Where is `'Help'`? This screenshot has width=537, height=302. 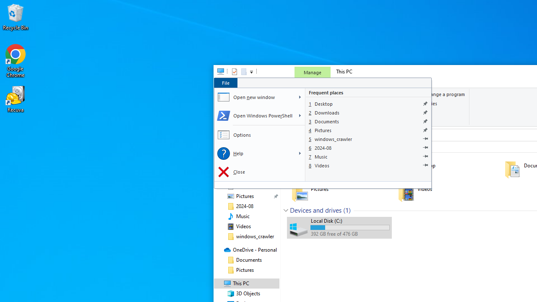 'Help' is located at coordinates (254, 154).